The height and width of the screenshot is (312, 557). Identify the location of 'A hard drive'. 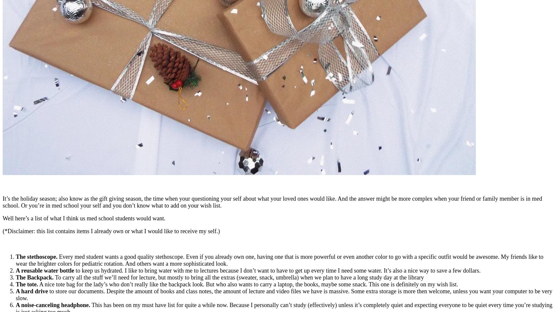
(31, 290).